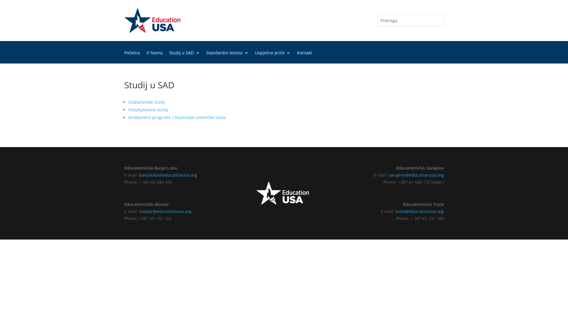 Image resolution: width=568 pixels, height=319 pixels. Describe the element at coordinates (148, 110) in the screenshot. I see `'Postdiplomski studij'` at that location.